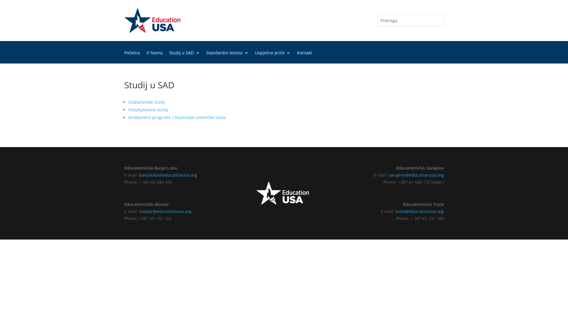 Image resolution: width=568 pixels, height=319 pixels. Describe the element at coordinates (148, 110) in the screenshot. I see `'Postdiplomski studij'` at that location.